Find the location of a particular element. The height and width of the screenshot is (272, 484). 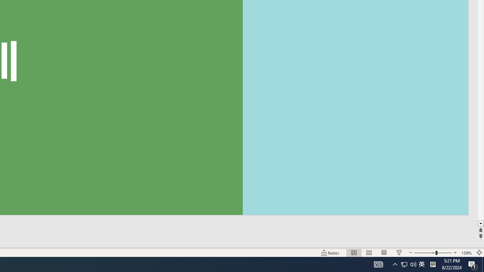

'Action Center, 1 new notification' is located at coordinates (473, 264).